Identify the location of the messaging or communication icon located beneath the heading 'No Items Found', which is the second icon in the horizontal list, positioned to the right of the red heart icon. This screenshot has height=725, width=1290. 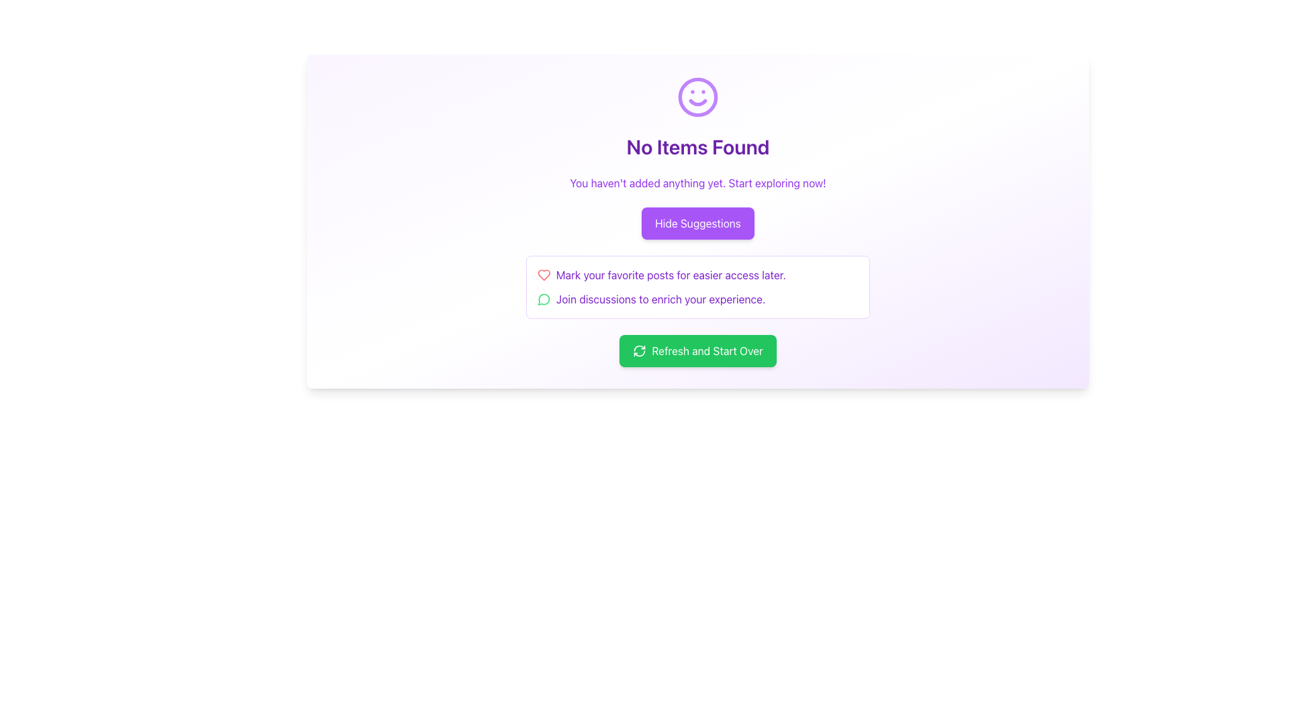
(544, 299).